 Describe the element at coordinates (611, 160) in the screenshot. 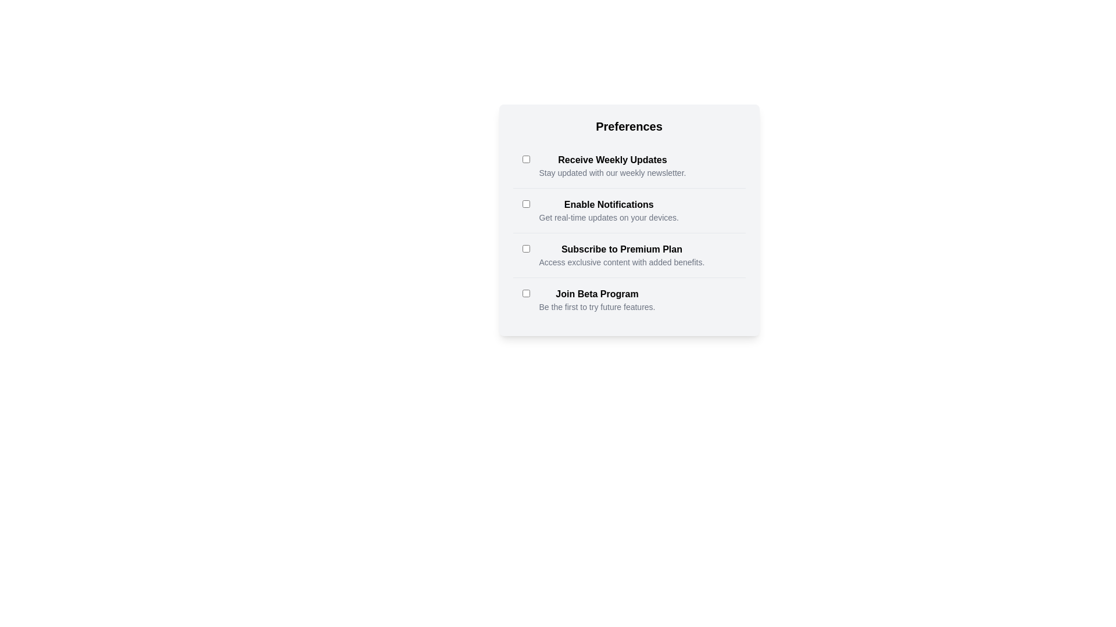

I see `the label associated with the checkbox to toggle its state. The label text is Receive Weekly Updates` at that location.